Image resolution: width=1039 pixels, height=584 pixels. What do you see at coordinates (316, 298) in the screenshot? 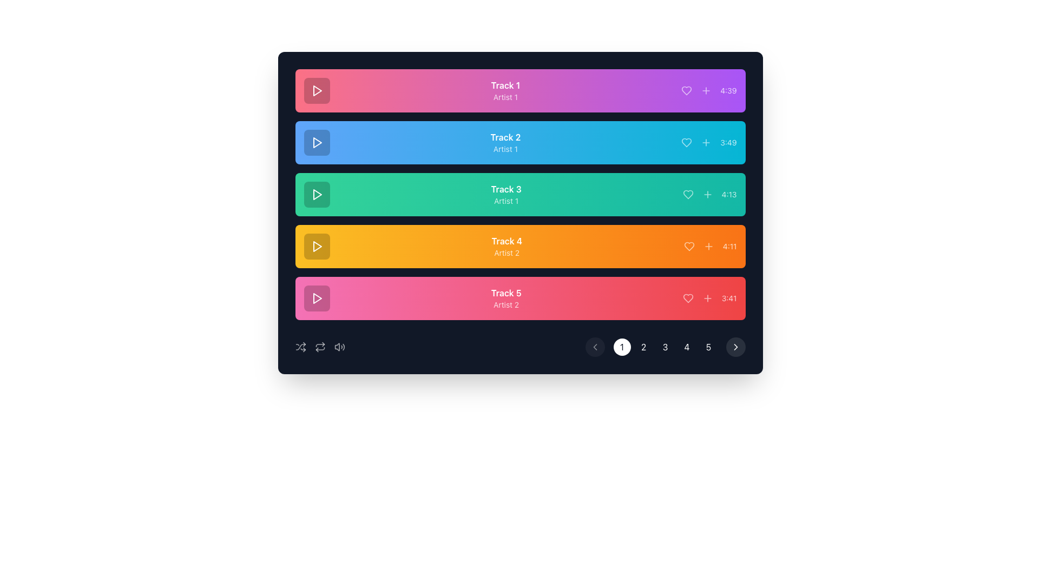
I see `the play button shaped like a triangle within the circular button, located on the left side of the fifth track labeled 'Track 5' in the music track selection interface` at bounding box center [316, 298].